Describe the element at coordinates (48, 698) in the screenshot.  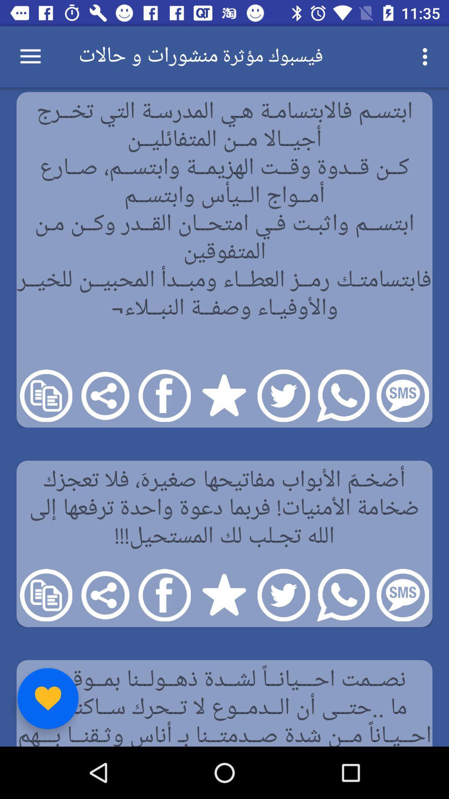
I see `the favorite icon` at that location.